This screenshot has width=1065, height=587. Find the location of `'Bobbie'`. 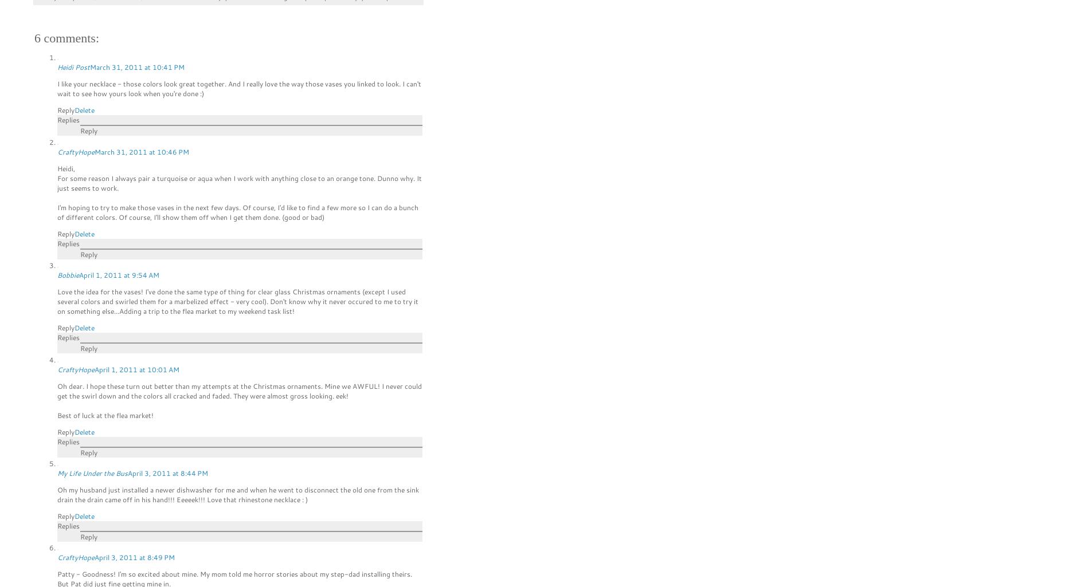

'Bobbie' is located at coordinates (68, 275).